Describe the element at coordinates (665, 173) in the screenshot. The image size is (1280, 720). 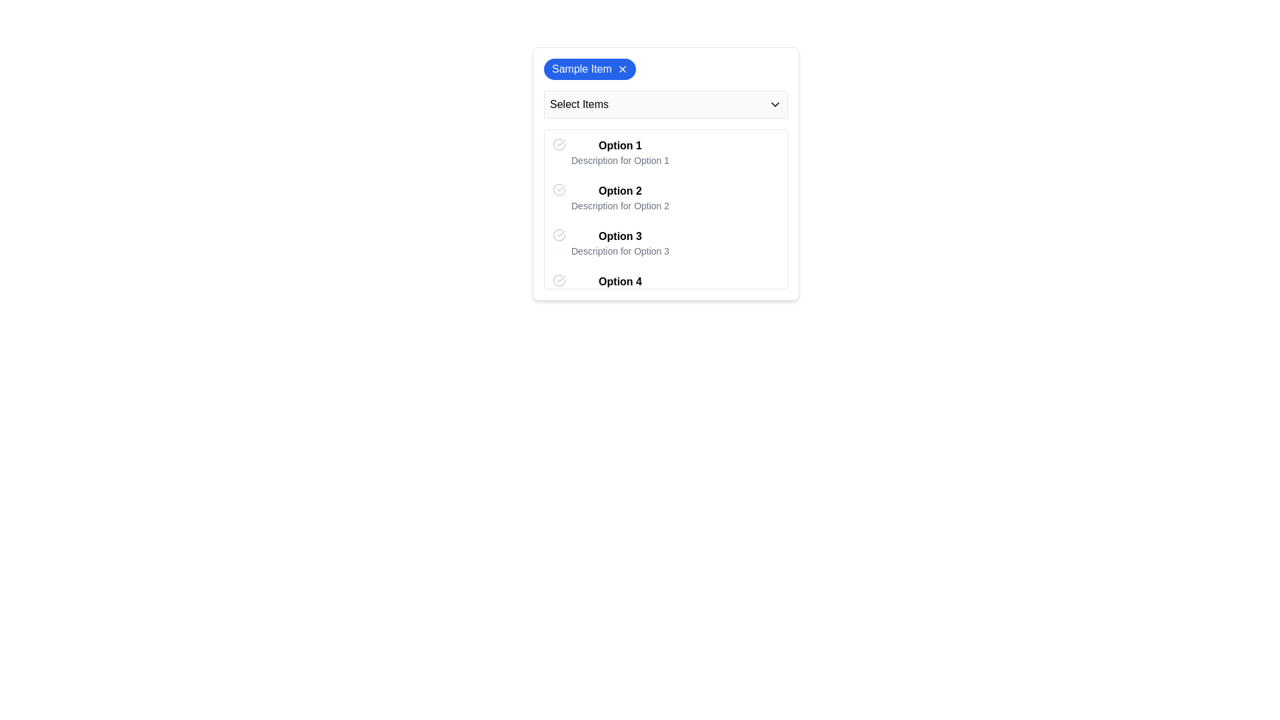
I see `to select the second option in the dropdown titled 'Select Items'` at that location.